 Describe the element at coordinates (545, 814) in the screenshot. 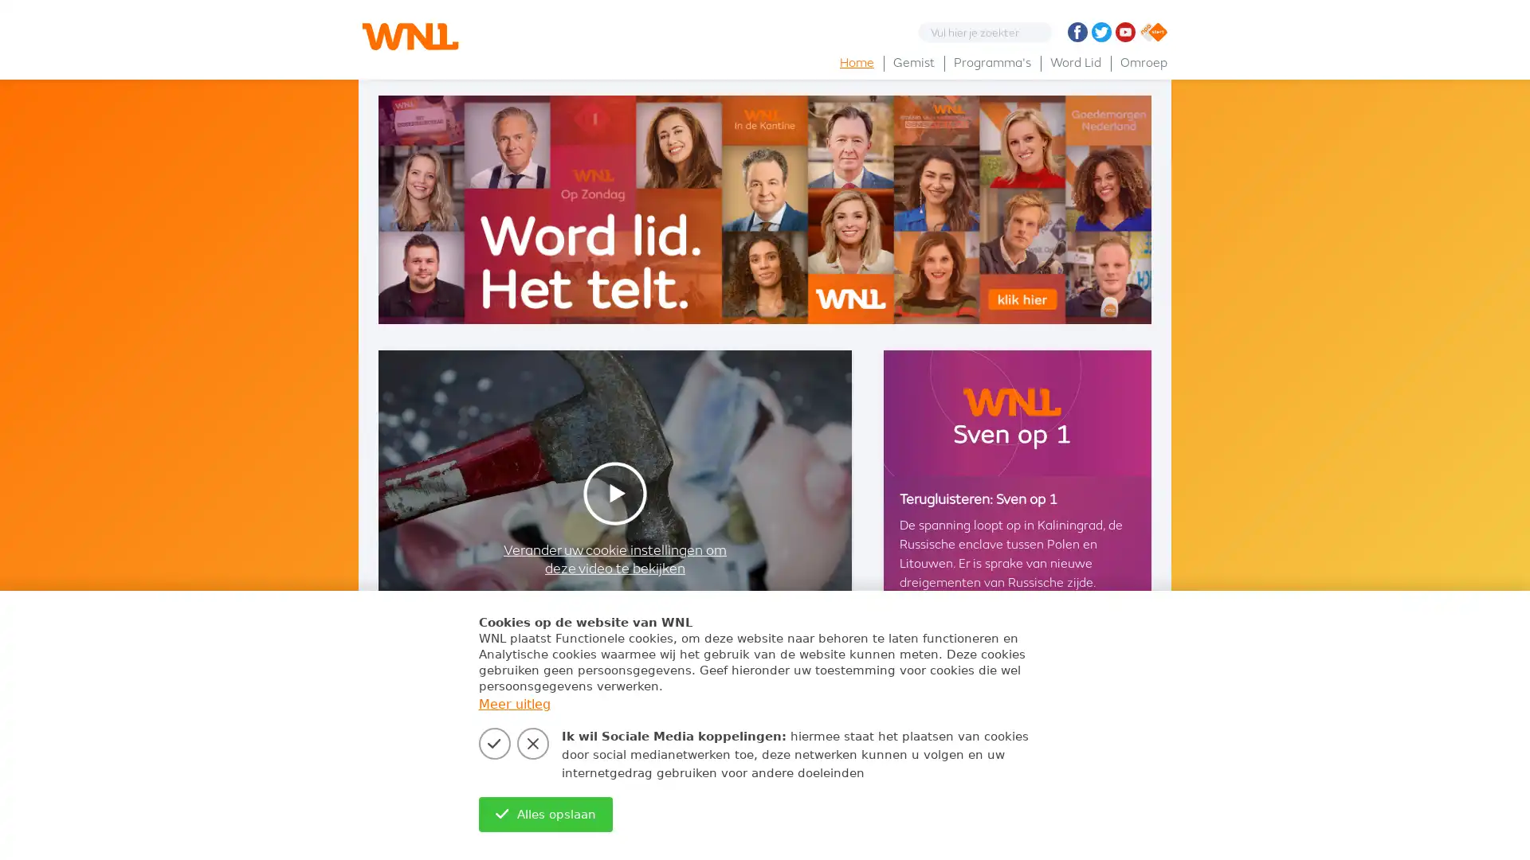

I see `Alles opslaan` at that location.